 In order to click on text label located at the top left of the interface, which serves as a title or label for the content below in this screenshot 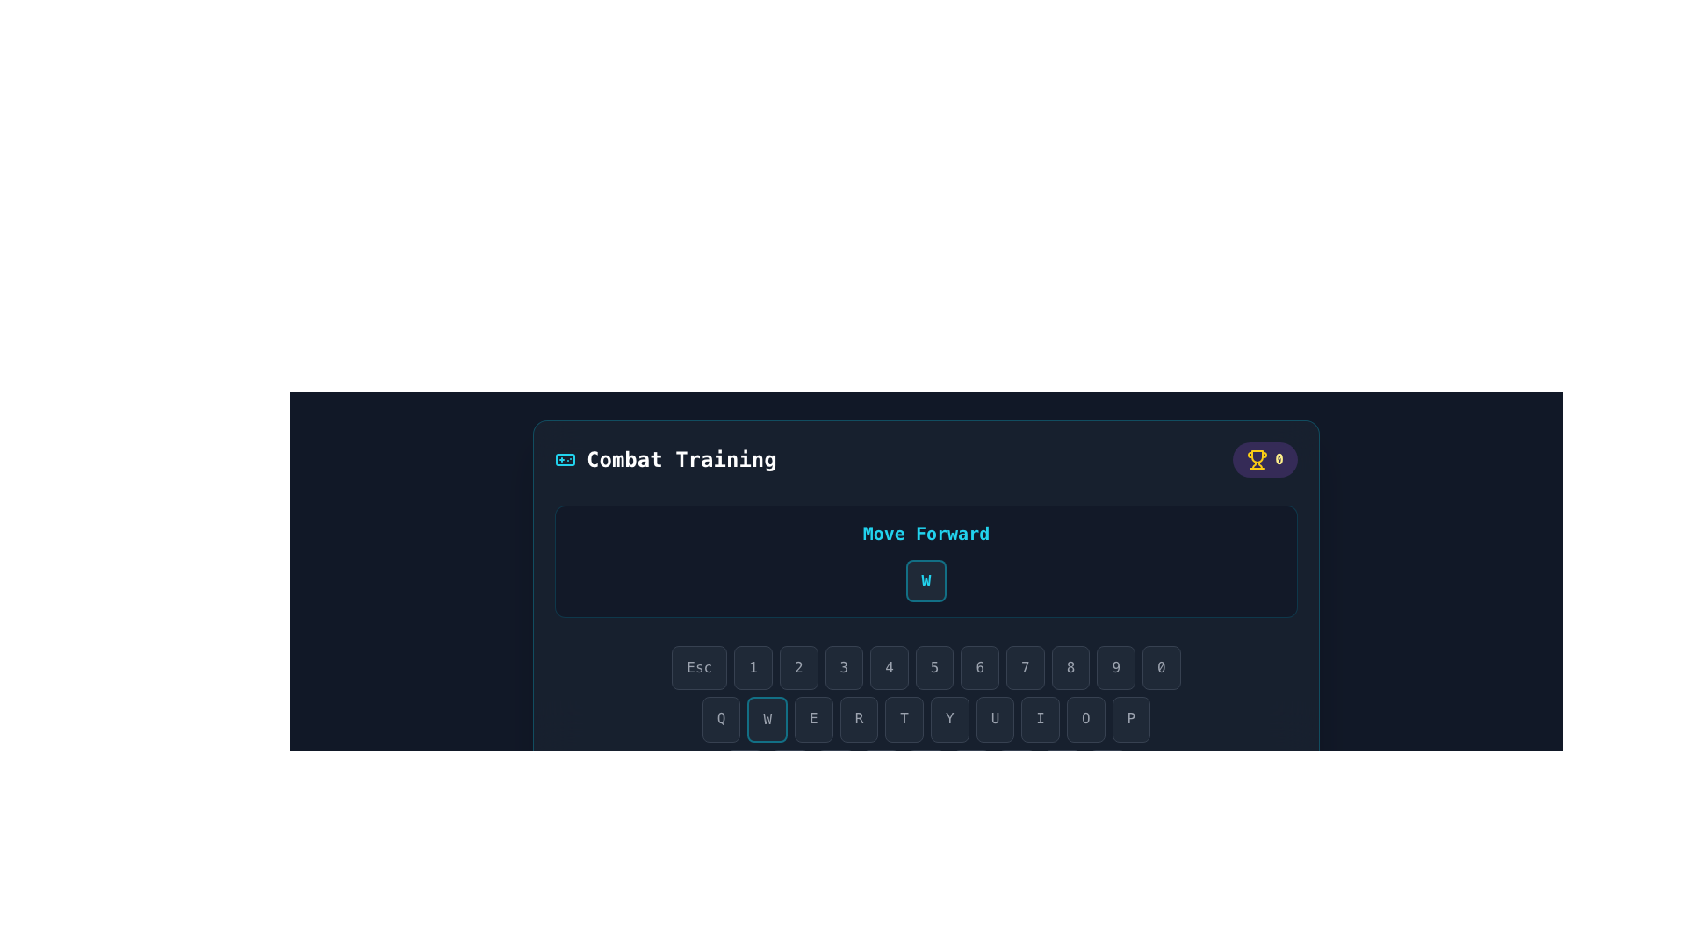, I will do `click(665, 459)`.